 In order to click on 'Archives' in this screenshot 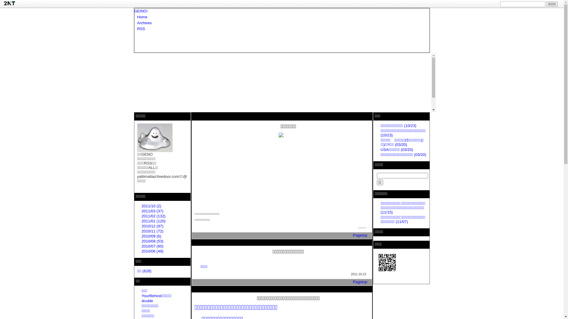, I will do `click(145, 22)`.